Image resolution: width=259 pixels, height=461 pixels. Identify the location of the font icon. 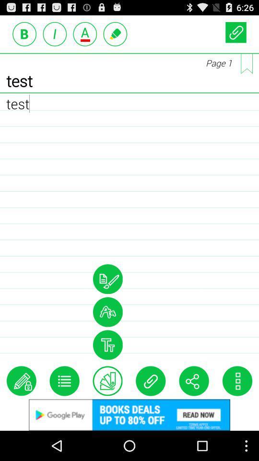
(107, 368).